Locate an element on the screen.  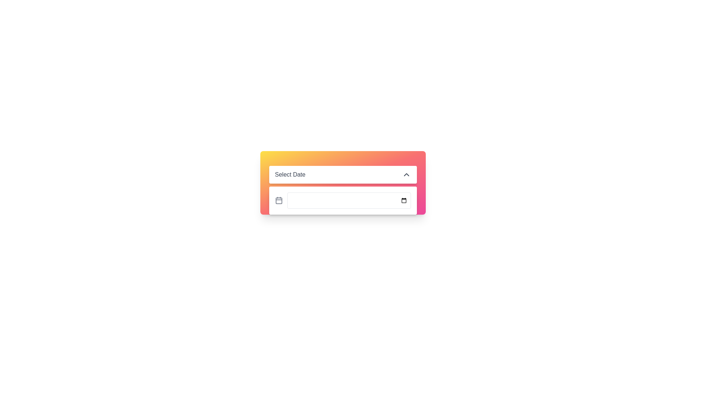
the calendar icon in the date selection panel is located at coordinates (342, 183).